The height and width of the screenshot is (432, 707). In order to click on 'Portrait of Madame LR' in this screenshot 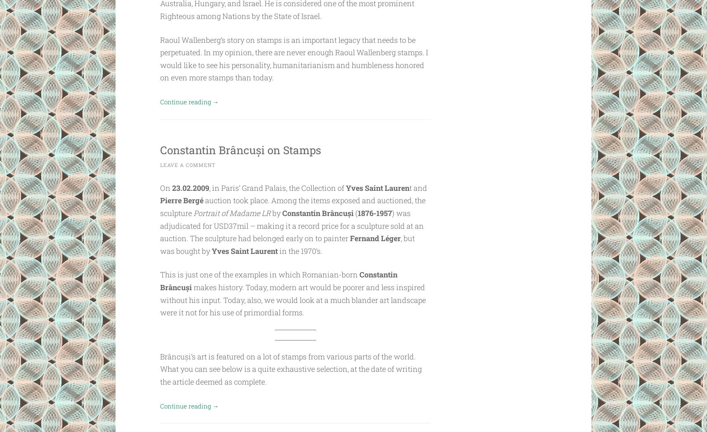, I will do `click(232, 213)`.